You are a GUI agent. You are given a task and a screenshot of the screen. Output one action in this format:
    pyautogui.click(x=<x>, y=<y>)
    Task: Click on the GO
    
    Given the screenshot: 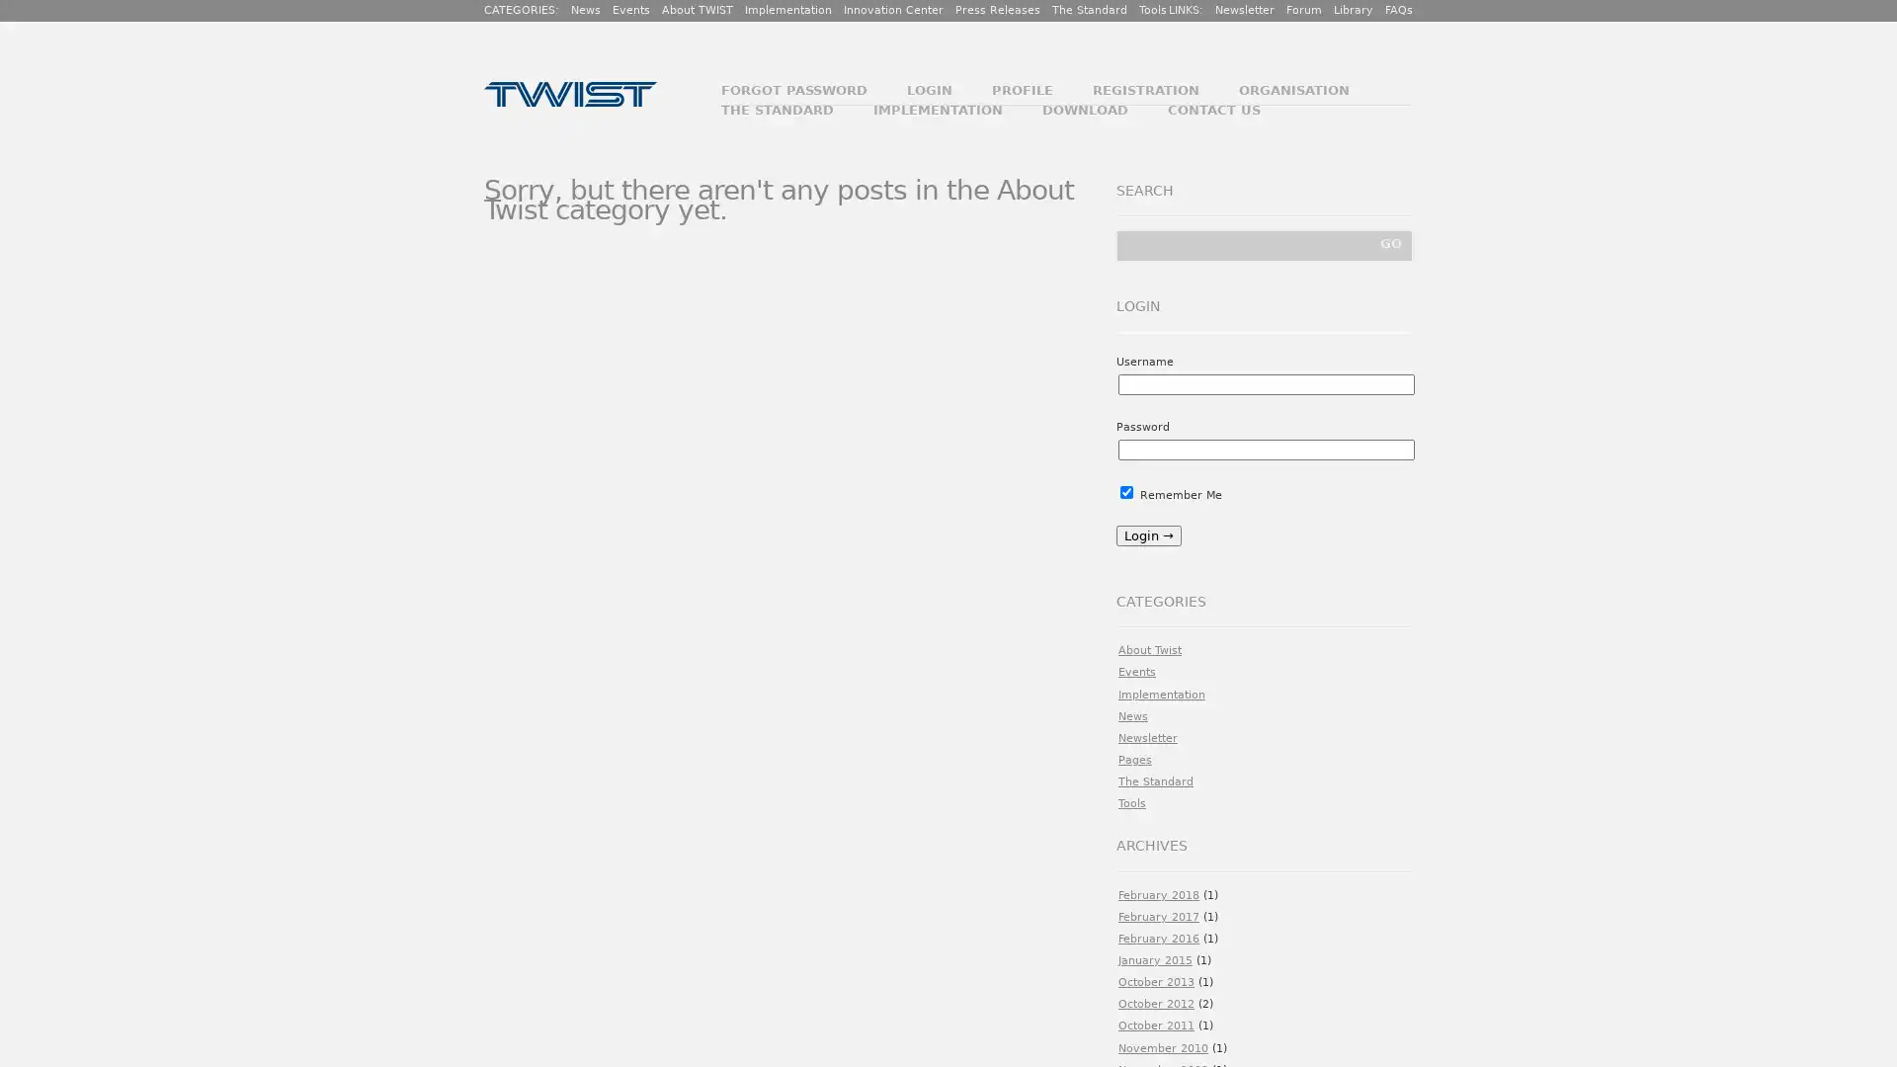 What is the action you would take?
    pyautogui.click(x=1389, y=242)
    